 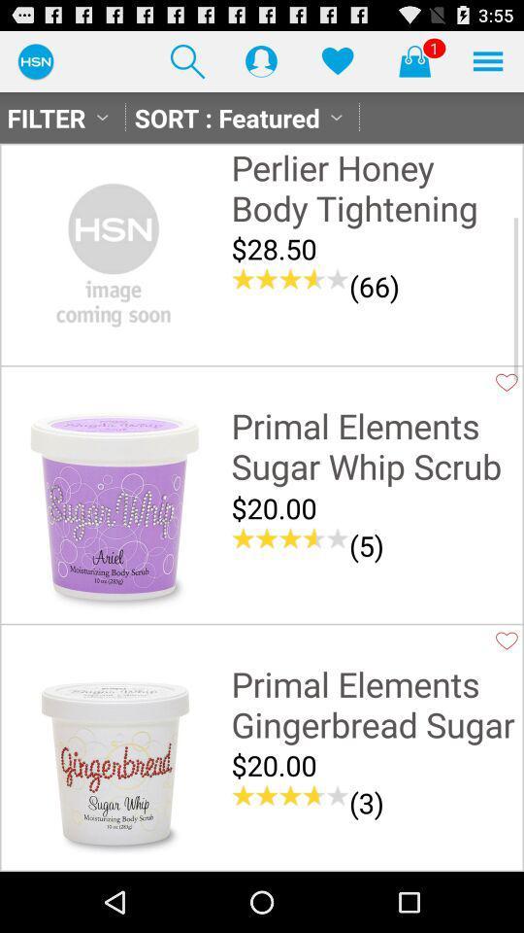 I want to click on the item above sort : featured icon, so click(x=187, y=60).